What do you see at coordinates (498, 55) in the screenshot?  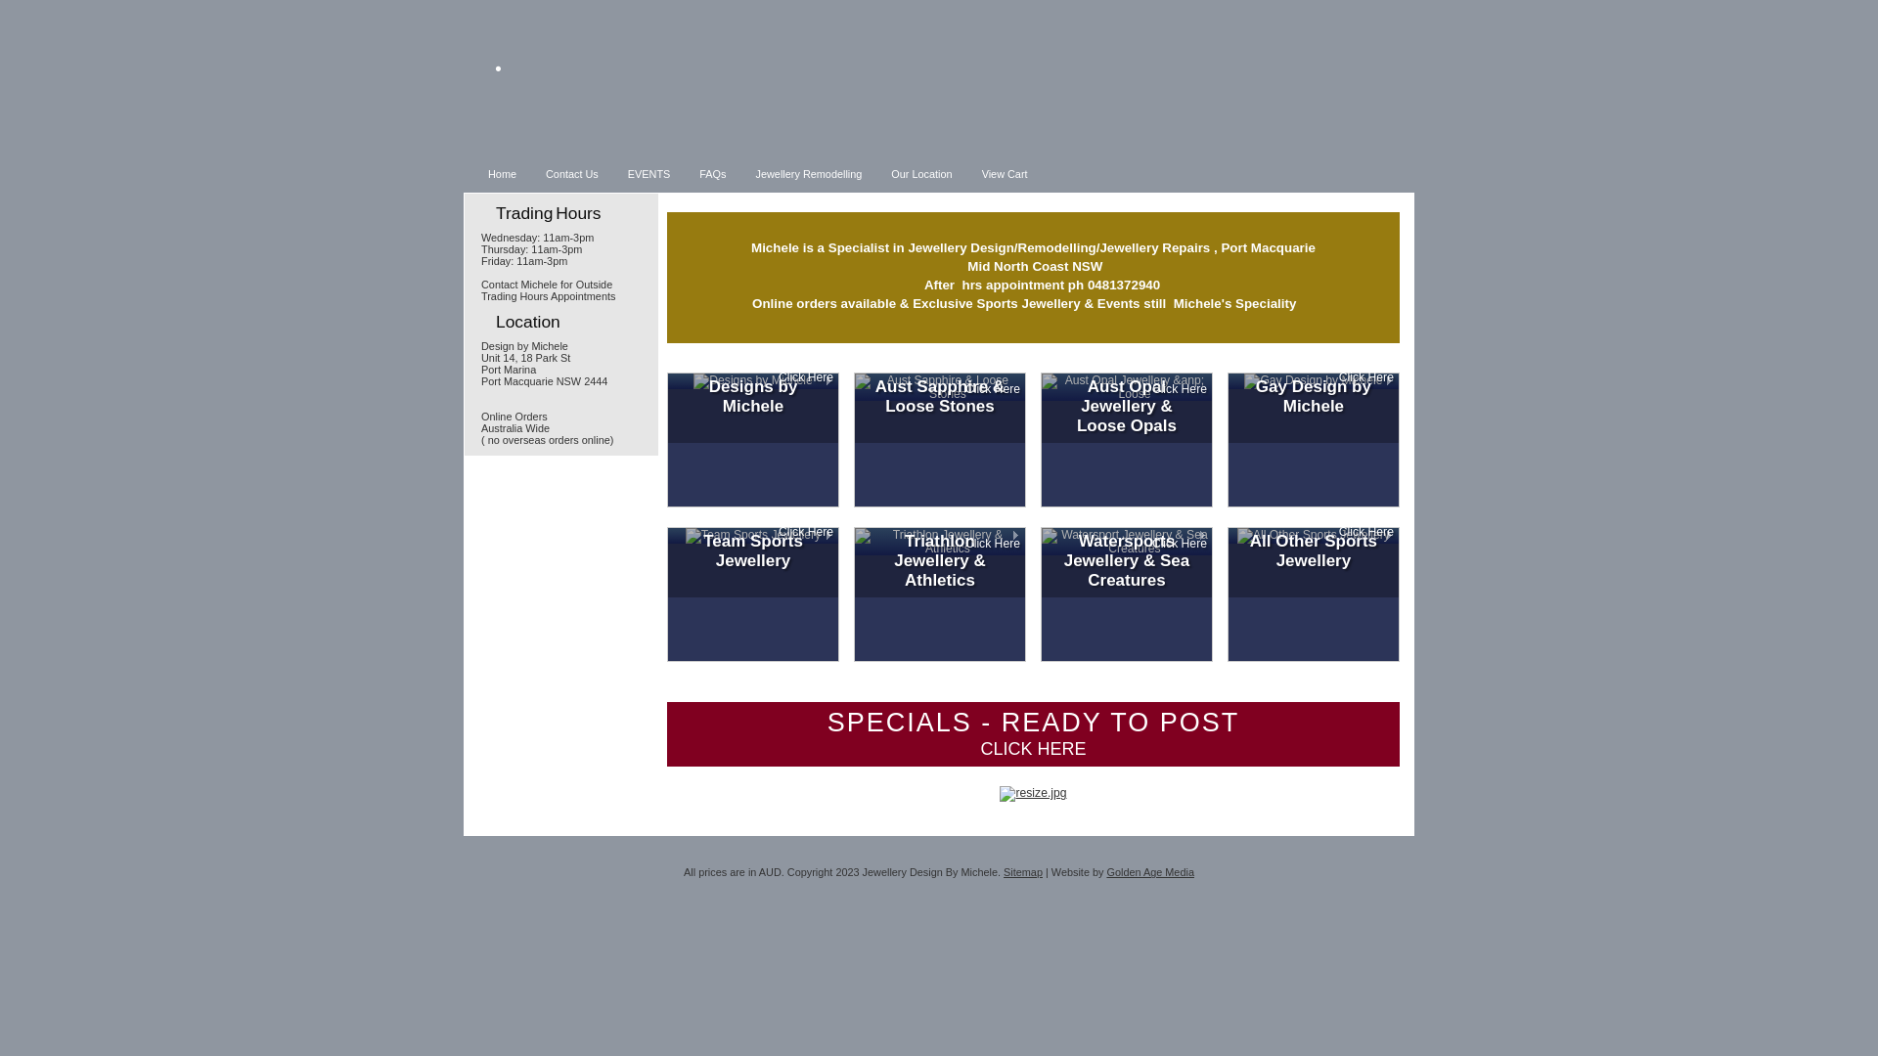 I see `'.'` at bounding box center [498, 55].